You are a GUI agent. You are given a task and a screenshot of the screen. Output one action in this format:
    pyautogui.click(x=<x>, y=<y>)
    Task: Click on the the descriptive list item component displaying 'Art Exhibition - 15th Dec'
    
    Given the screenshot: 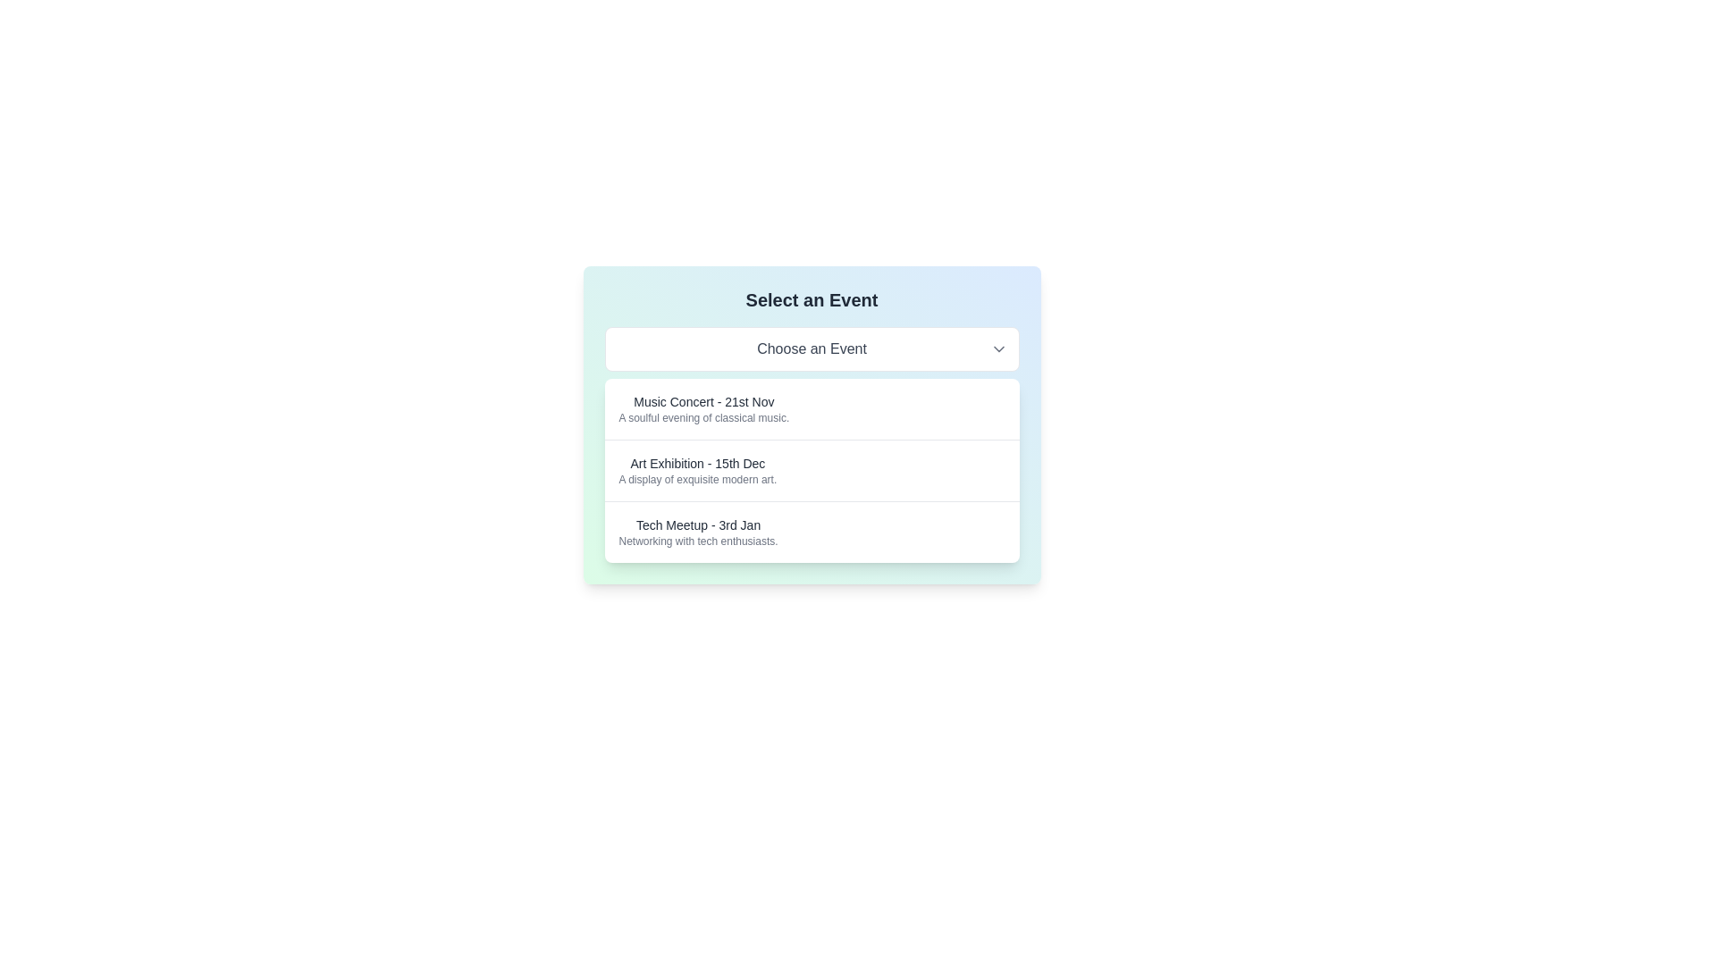 What is the action you would take?
    pyautogui.click(x=811, y=470)
    